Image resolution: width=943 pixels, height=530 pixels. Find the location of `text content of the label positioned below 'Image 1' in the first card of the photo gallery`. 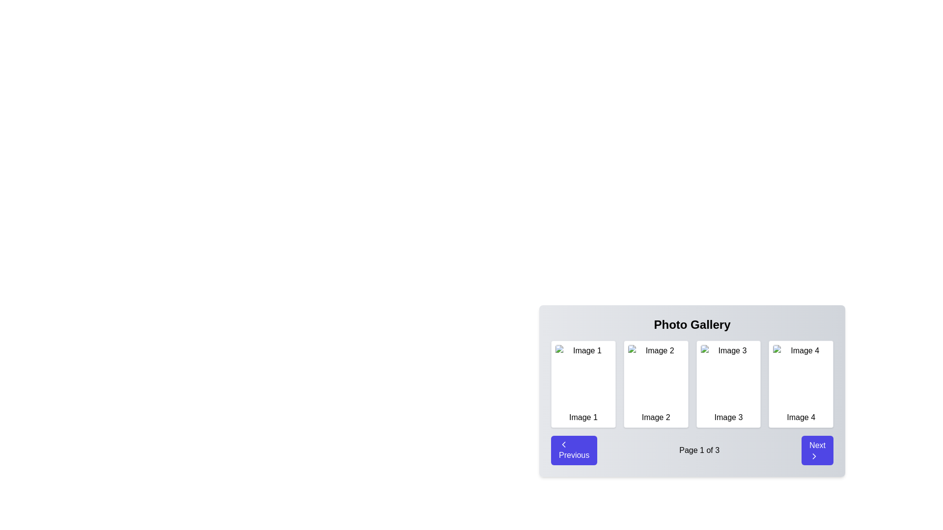

text content of the label positioned below 'Image 1' in the first card of the photo gallery is located at coordinates (583, 418).